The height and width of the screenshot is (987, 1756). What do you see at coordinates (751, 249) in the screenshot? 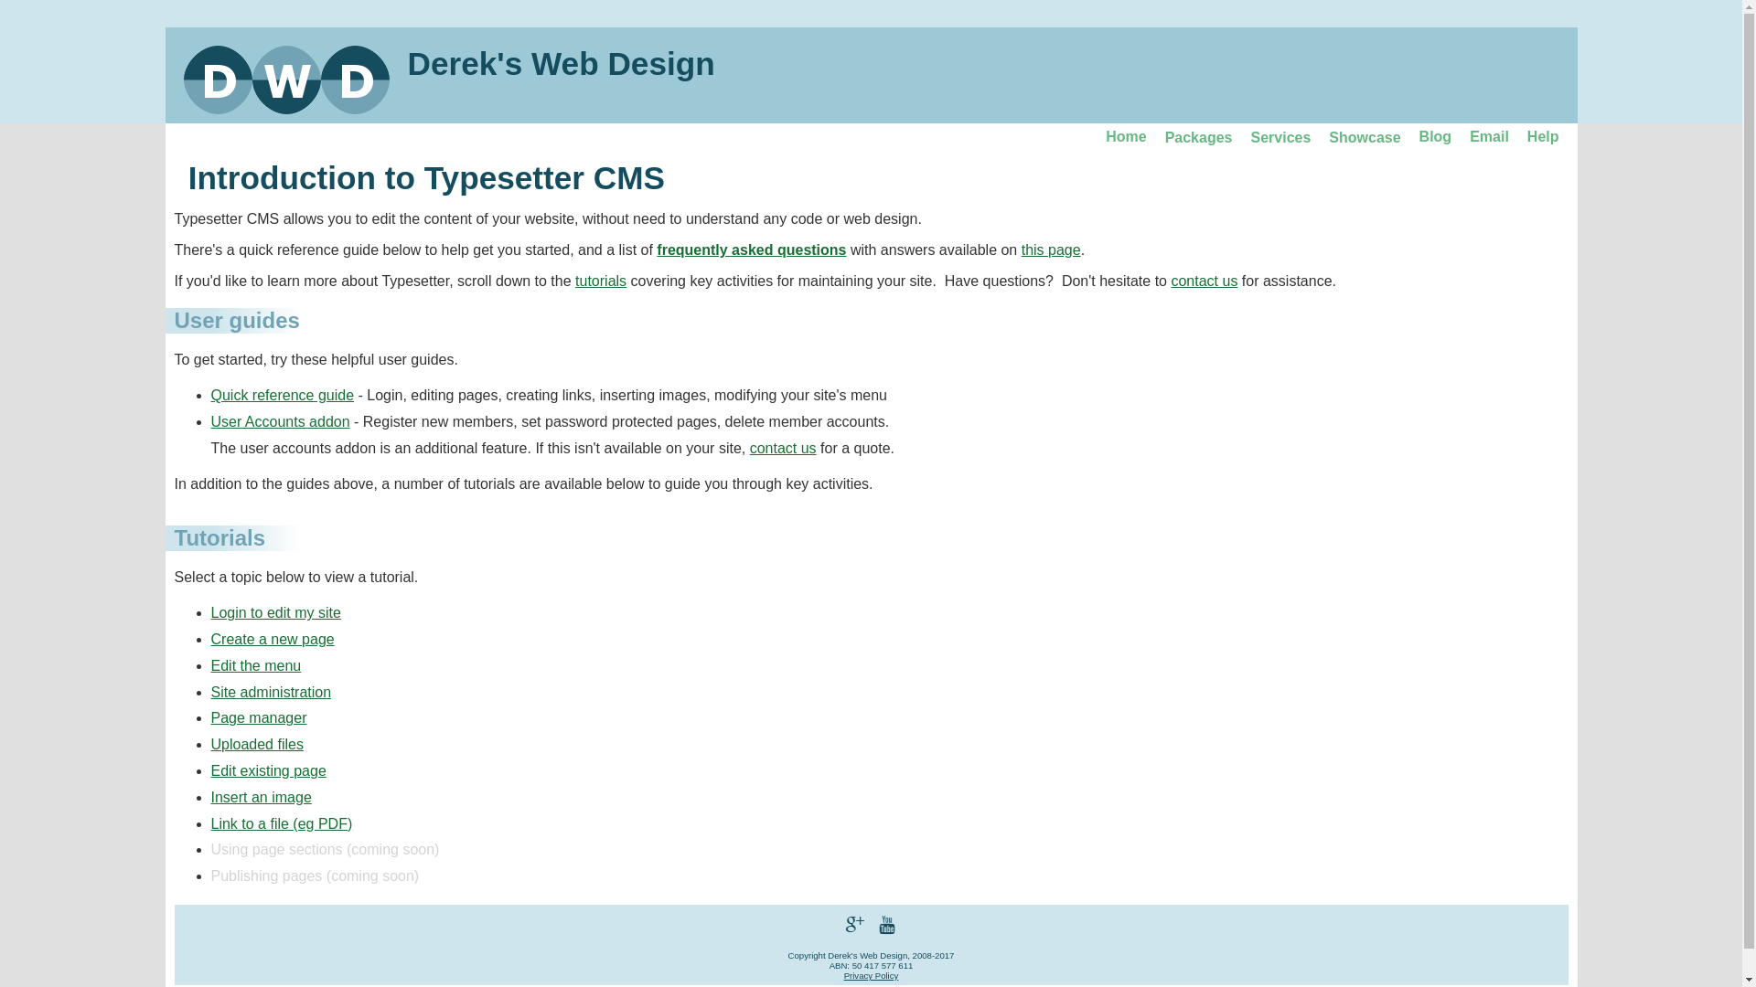
I see `'frequently asked questions'` at bounding box center [751, 249].